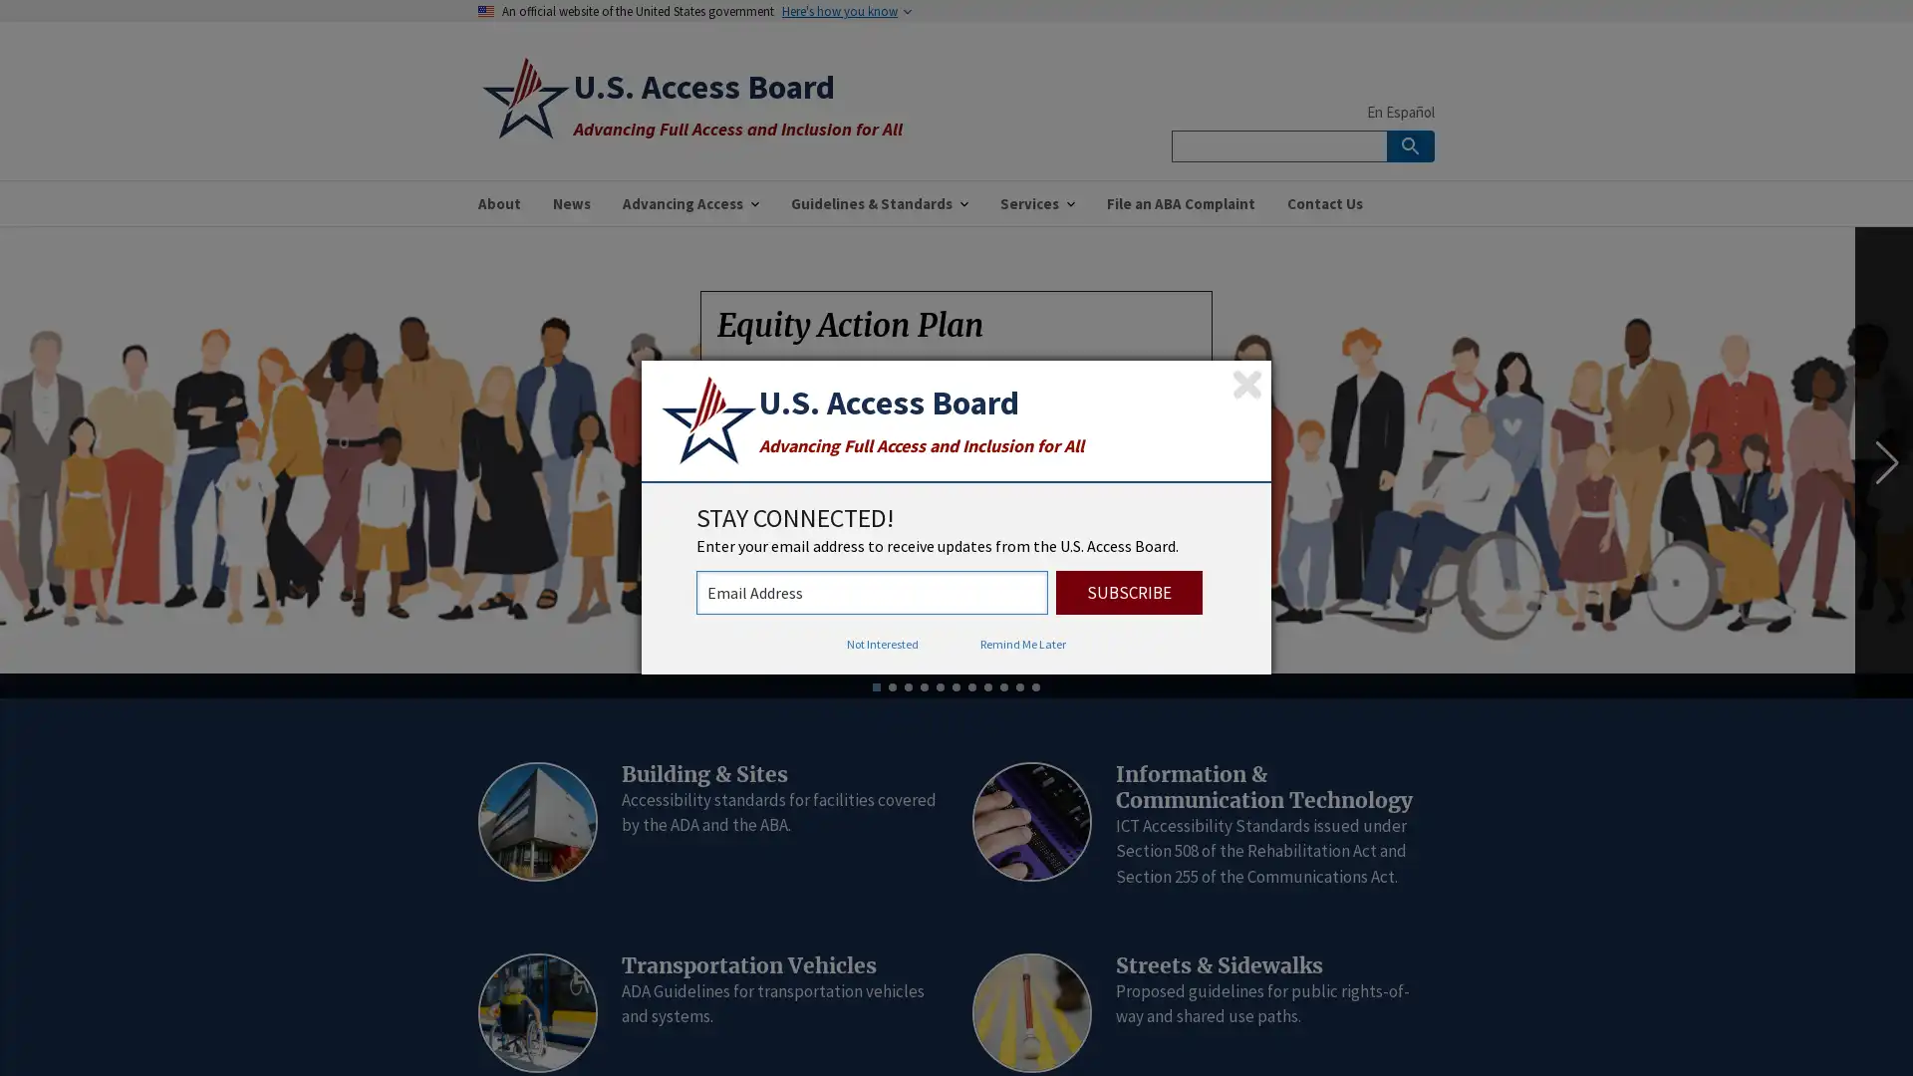 This screenshot has width=1913, height=1076. What do you see at coordinates (840, 11) in the screenshot?
I see `Here's how you know` at bounding box center [840, 11].